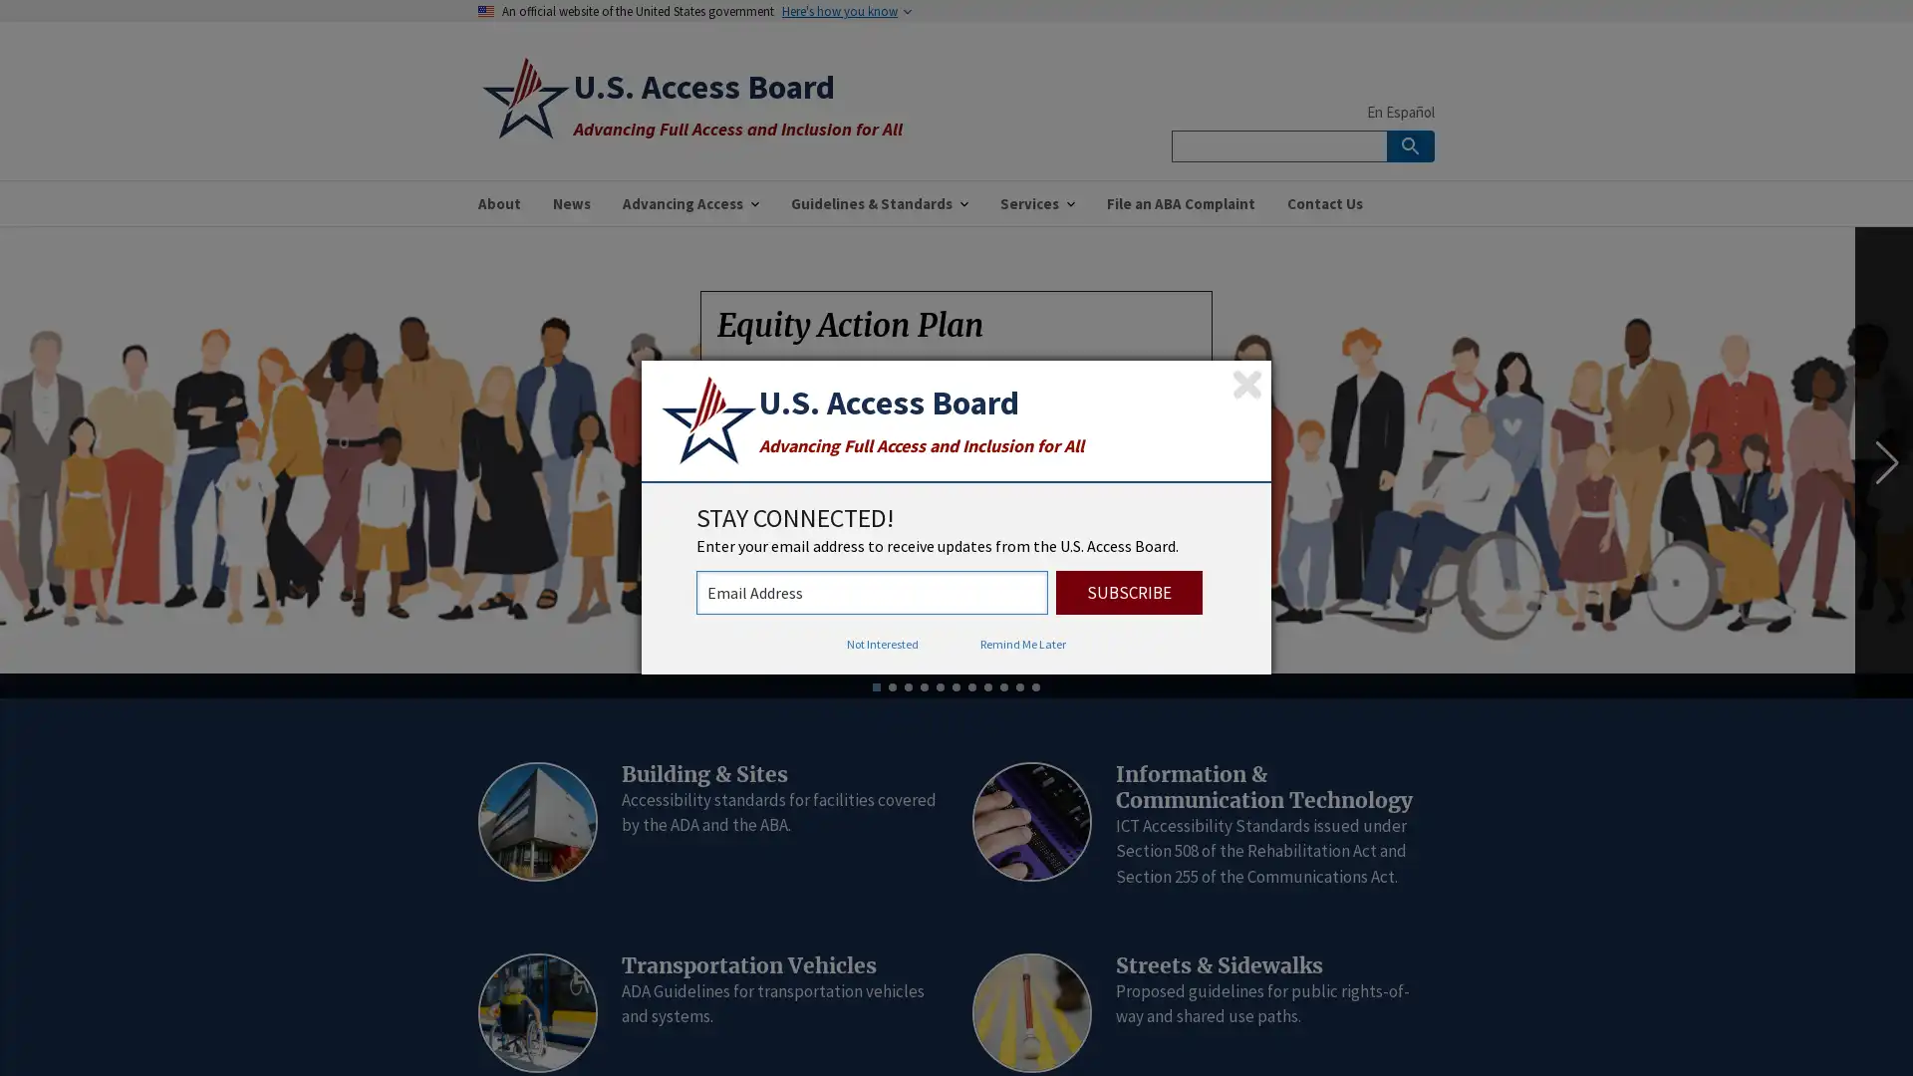 This screenshot has width=1913, height=1076. What do you see at coordinates (840, 11) in the screenshot?
I see `Here's how you know` at bounding box center [840, 11].